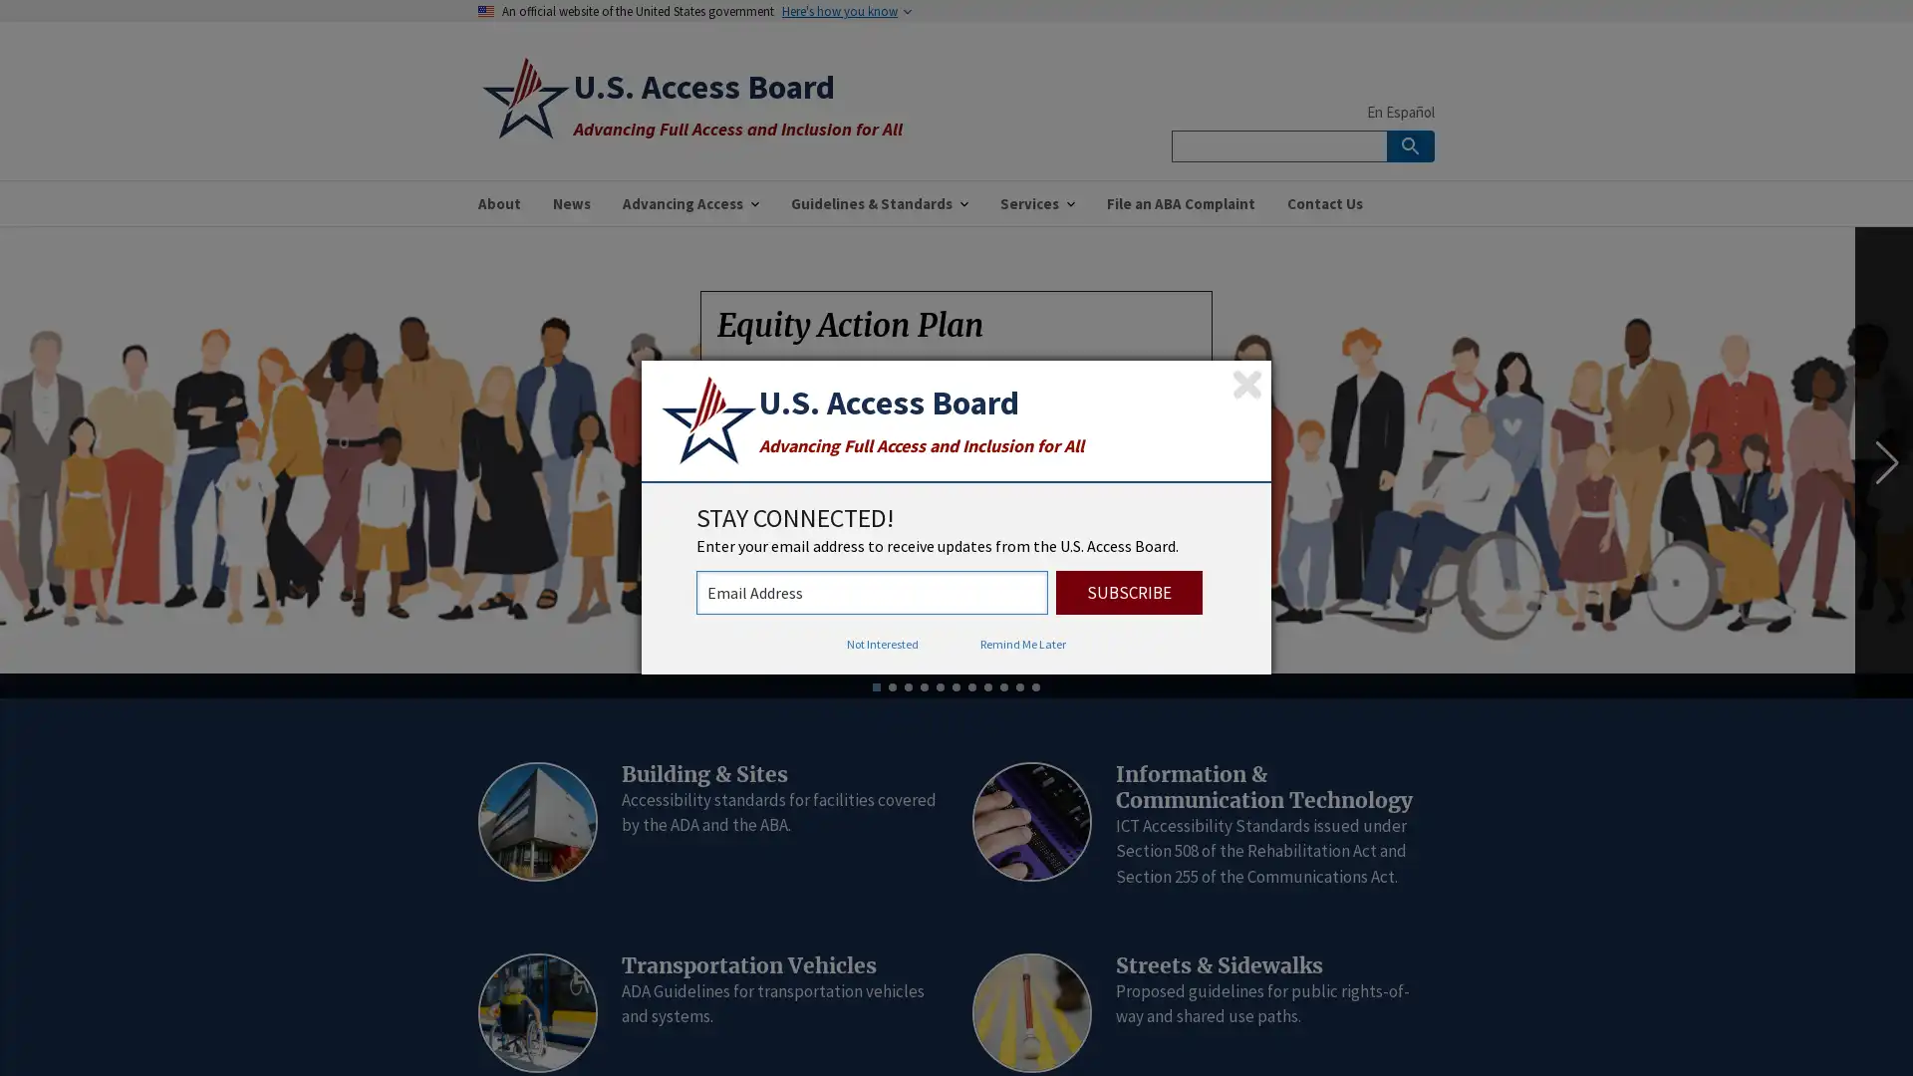 This screenshot has width=1913, height=1076. What do you see at coordinates (840, 11) in the screenshot?
I see `Here's how you know` at bounding box center [840, 11].